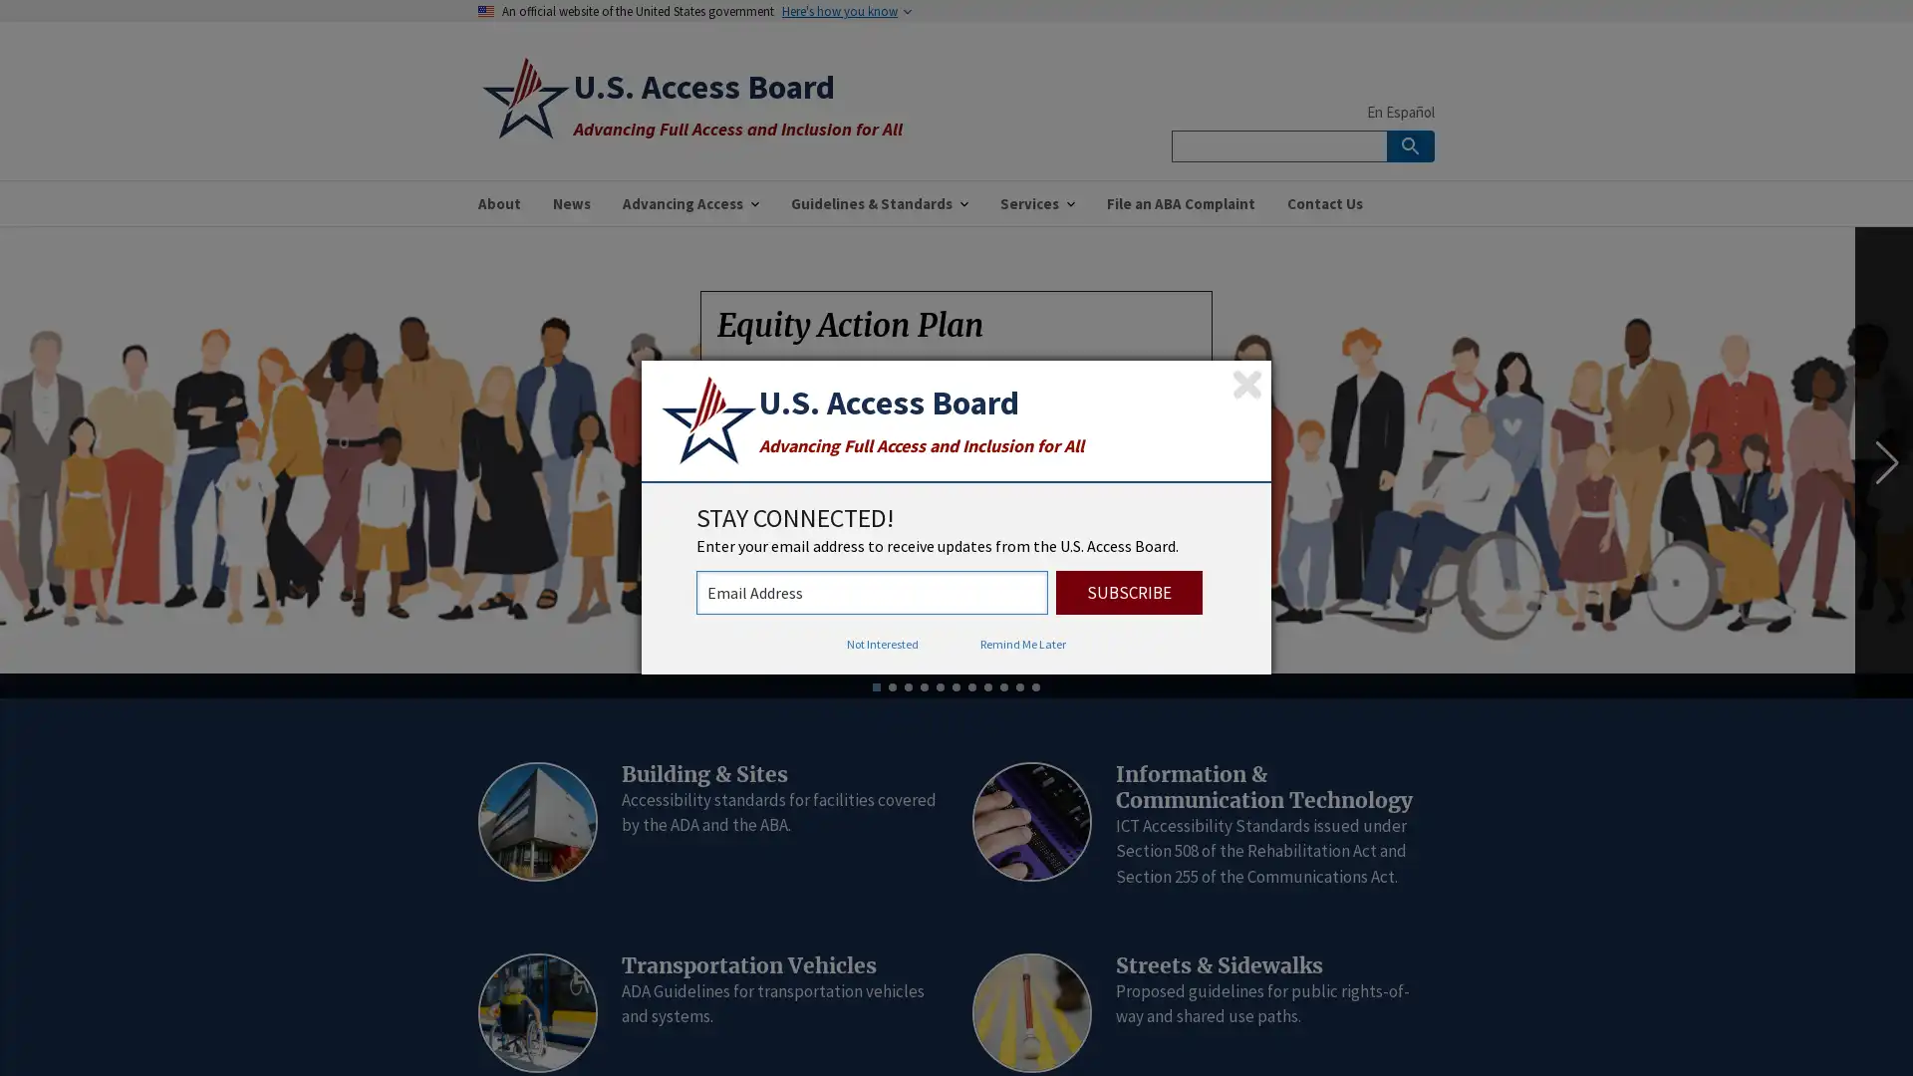 This screenshot has width=1913, height=1076. What do you see at coordinates (840, 11) in the screenshot?
I see `Here's how you know` at bounding box center [840, 11].